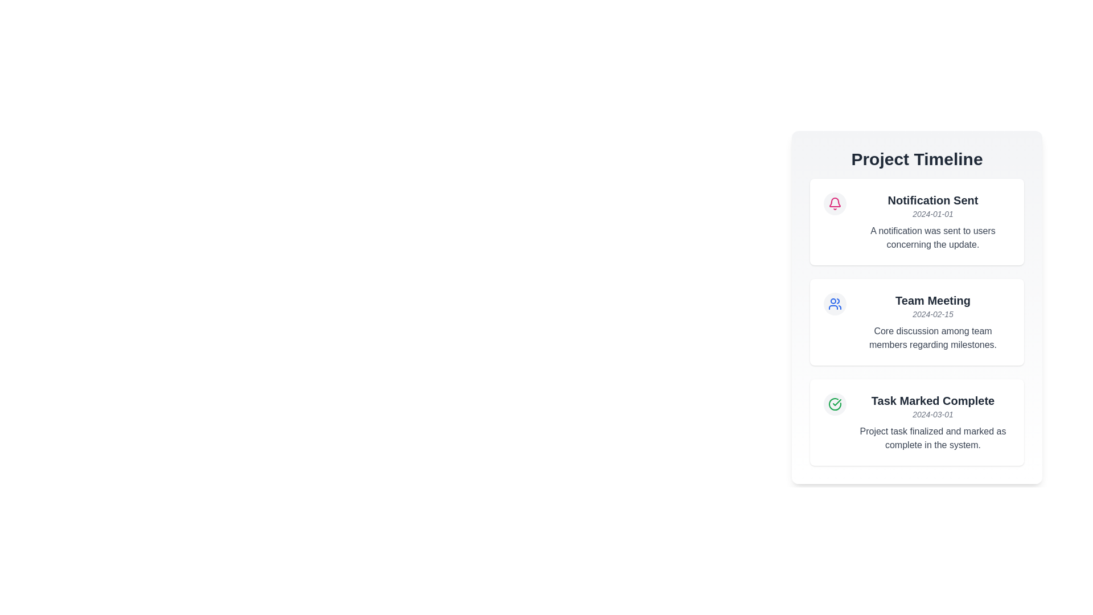 This screenshot has width=1093, height=615. I want to click on the Text label indicating the date associated with the 'Notification Sent' notification, which is positioned below 'Notification Sent' and above the description text, so click(932, 214).